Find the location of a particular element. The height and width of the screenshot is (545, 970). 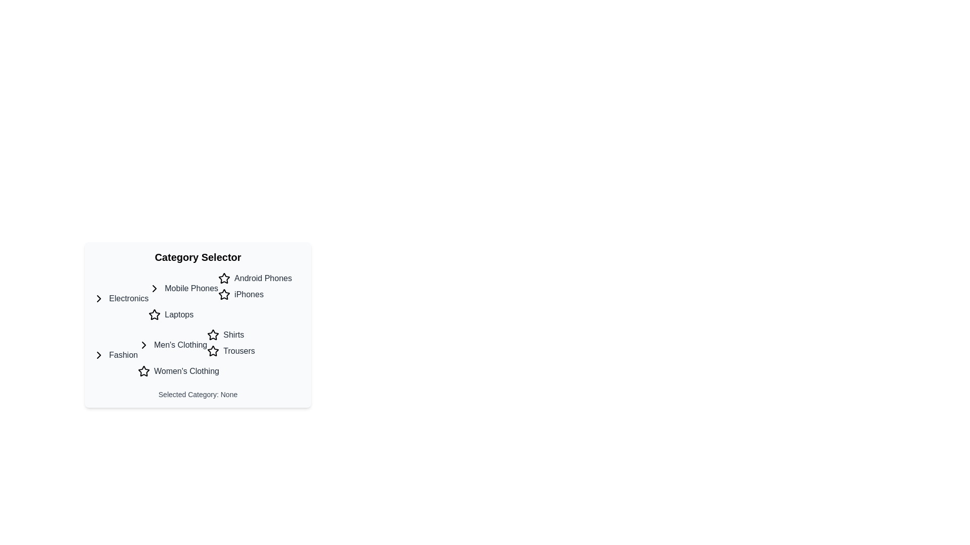

the chevron-right icon is located at coordinates (99, 355).